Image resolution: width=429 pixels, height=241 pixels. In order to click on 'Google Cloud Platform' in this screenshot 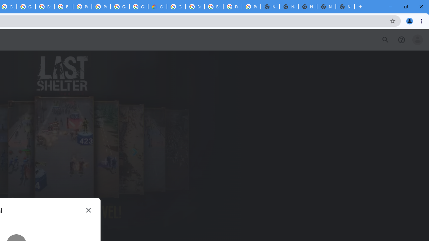, I will do `click(176, 7)`.